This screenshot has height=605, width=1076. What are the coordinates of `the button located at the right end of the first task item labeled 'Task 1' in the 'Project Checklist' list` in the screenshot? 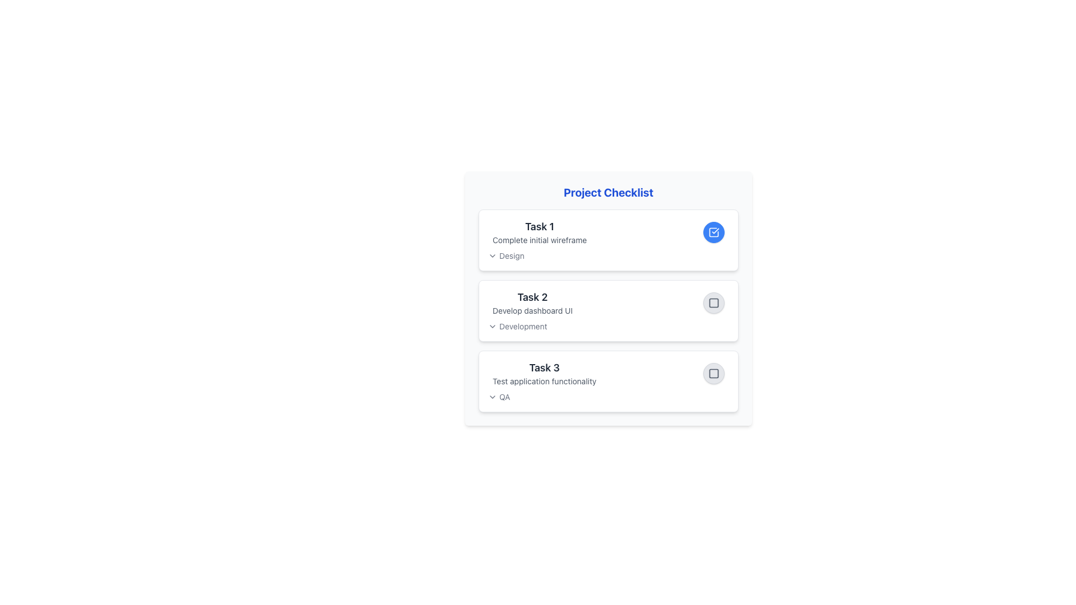 It's located at (713, 232).